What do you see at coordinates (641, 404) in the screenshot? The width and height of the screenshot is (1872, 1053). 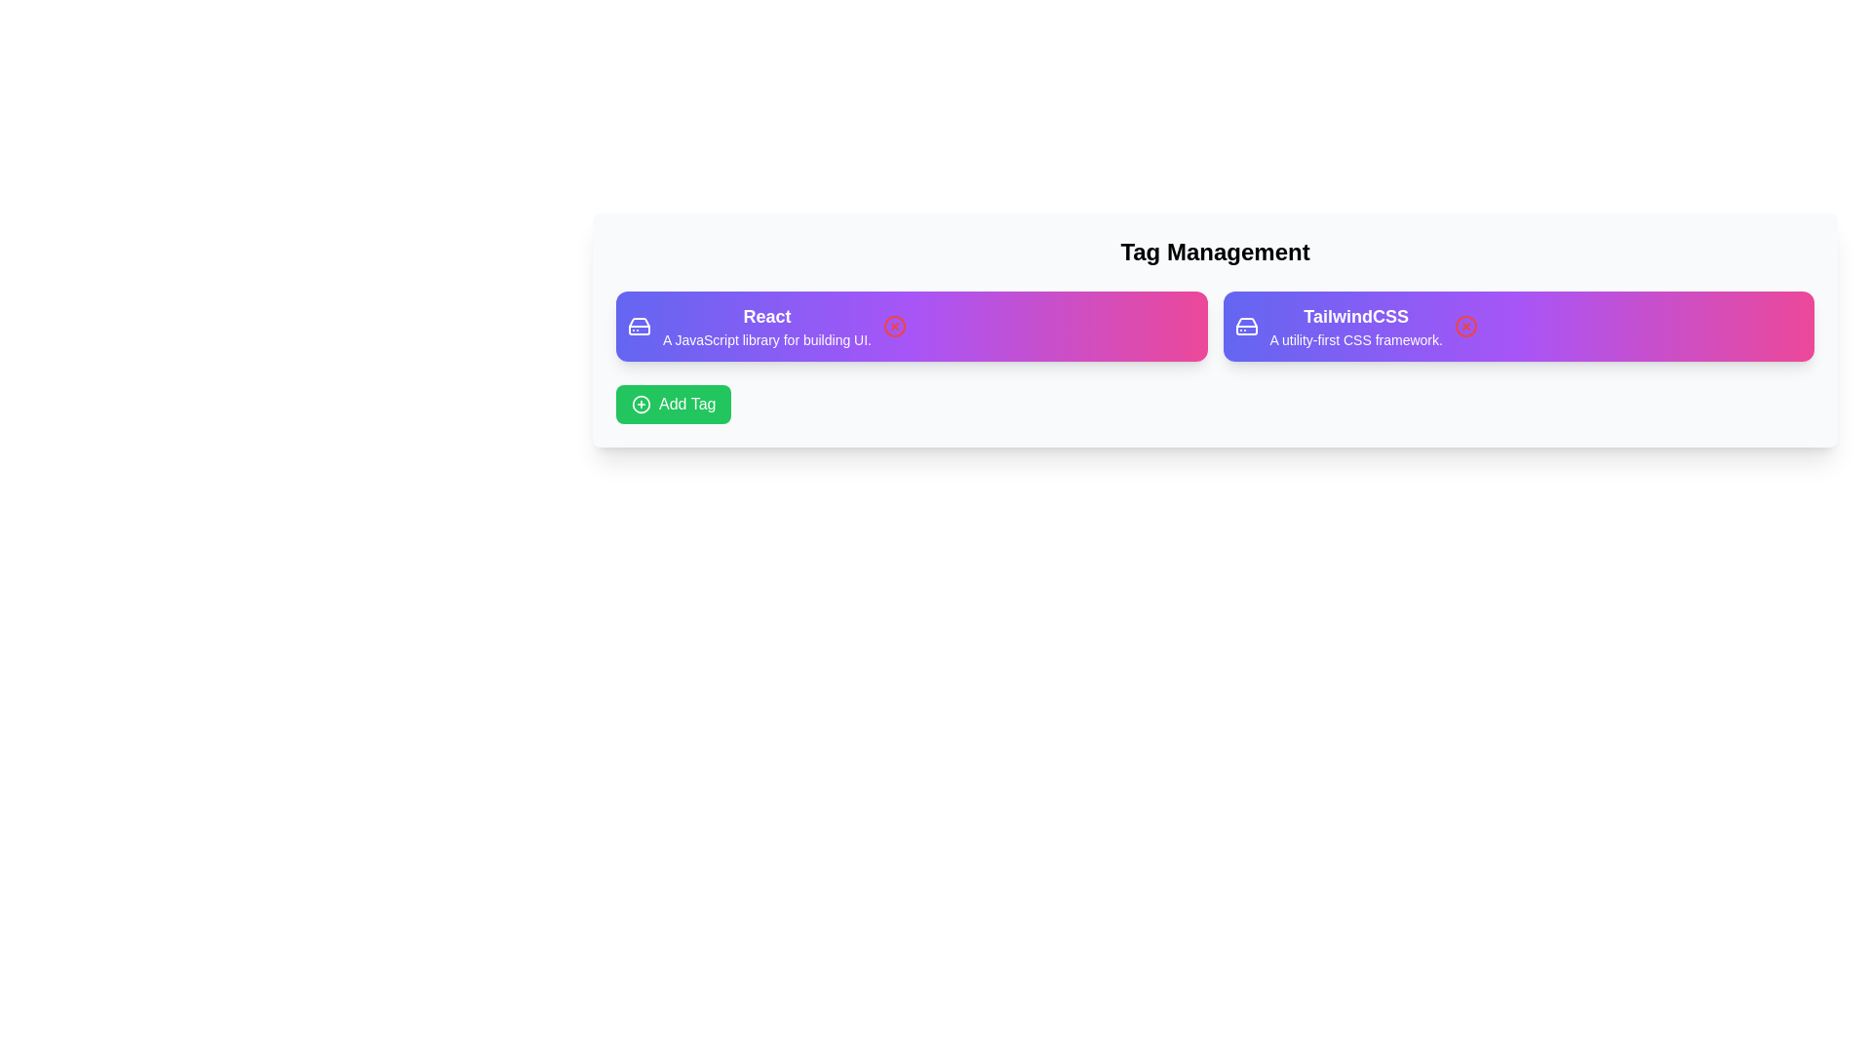 I see `the plus-circle icon located to the left of the 'Add Tag' text within the green button in the Tag Management section` at bounding box center [641, 404].